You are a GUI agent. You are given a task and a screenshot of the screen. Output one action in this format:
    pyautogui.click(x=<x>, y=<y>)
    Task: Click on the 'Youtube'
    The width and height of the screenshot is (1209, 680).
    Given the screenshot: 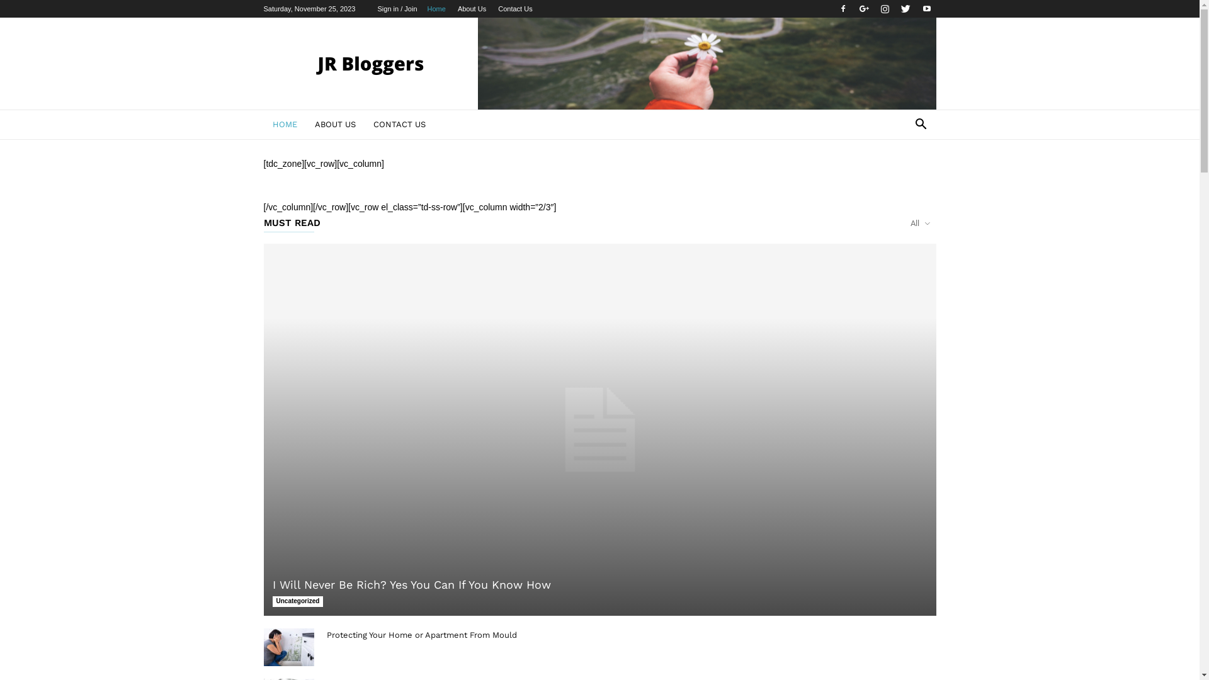 What is the action you would take?
    pyautogui.click(x=926, y=9)
    